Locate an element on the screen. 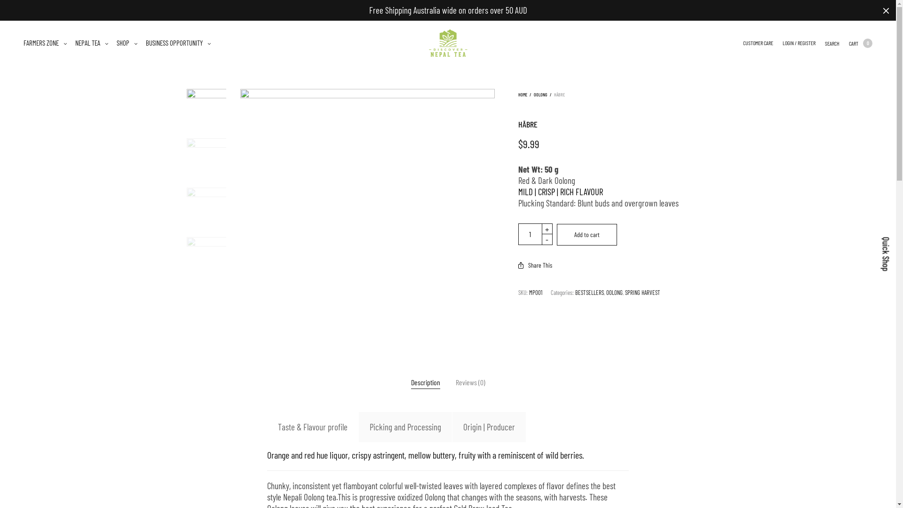 The image size is (903, 508). 'BUSINESS OPPORTUNITY' is located at coordinates (178, 43).